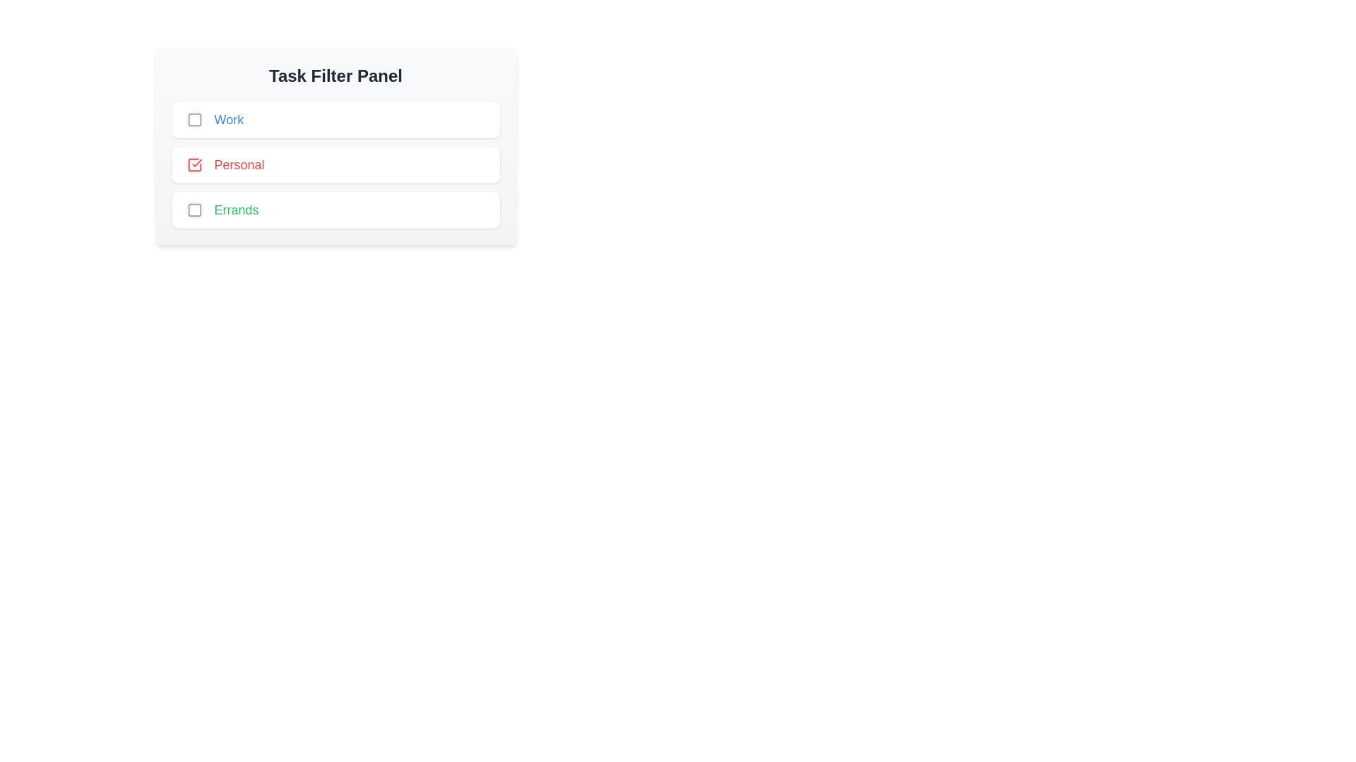 This screenshot has height=762, width=1356. I want to click on the checkbox, so click(335, 164).